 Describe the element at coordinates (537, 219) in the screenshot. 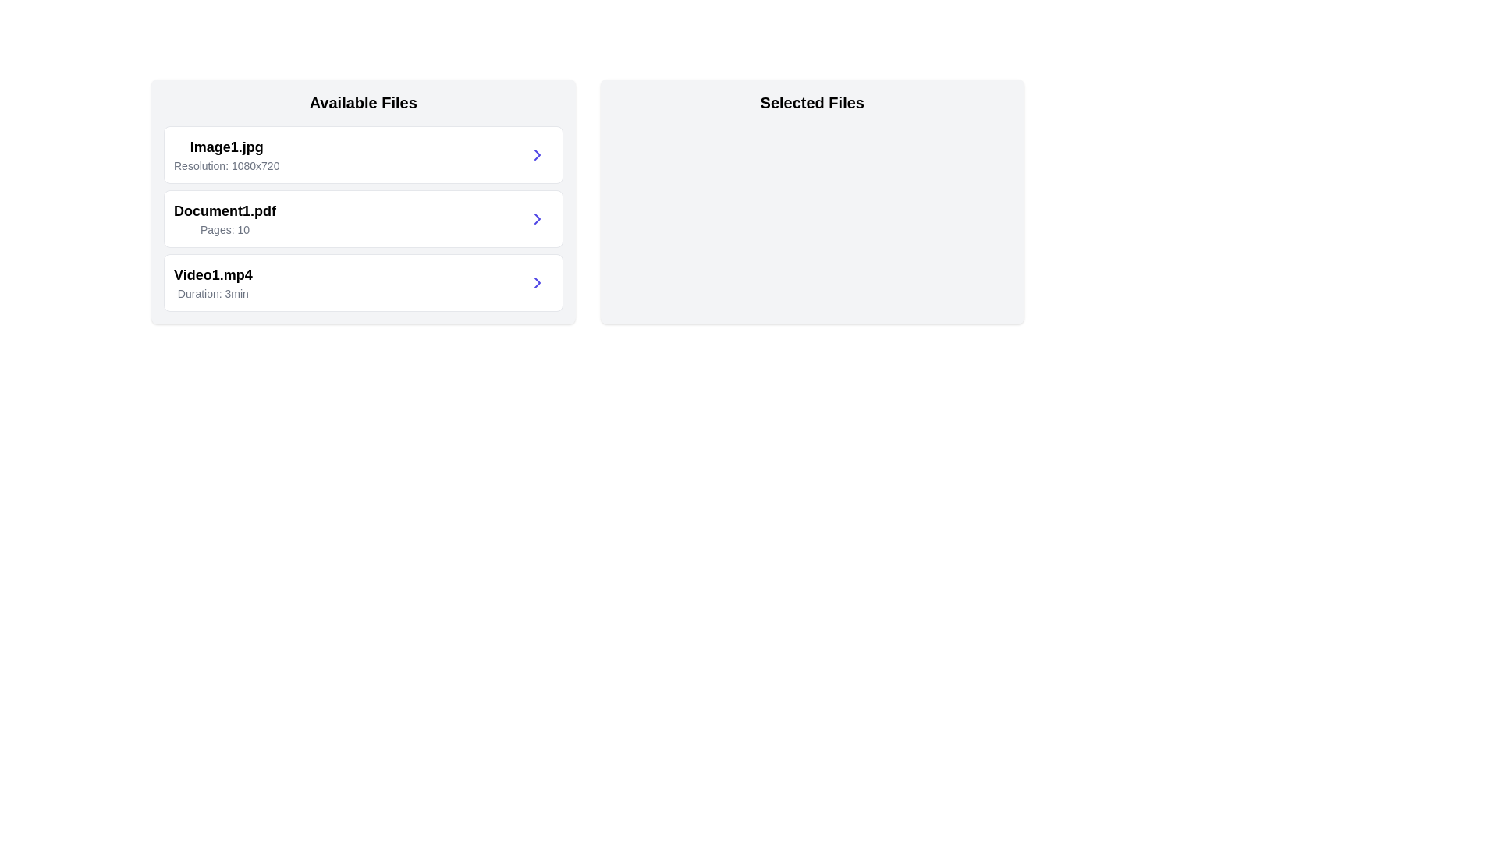

I see `transfer button for the file Document1.pdf to move it to 'Selected Files'` at that location.